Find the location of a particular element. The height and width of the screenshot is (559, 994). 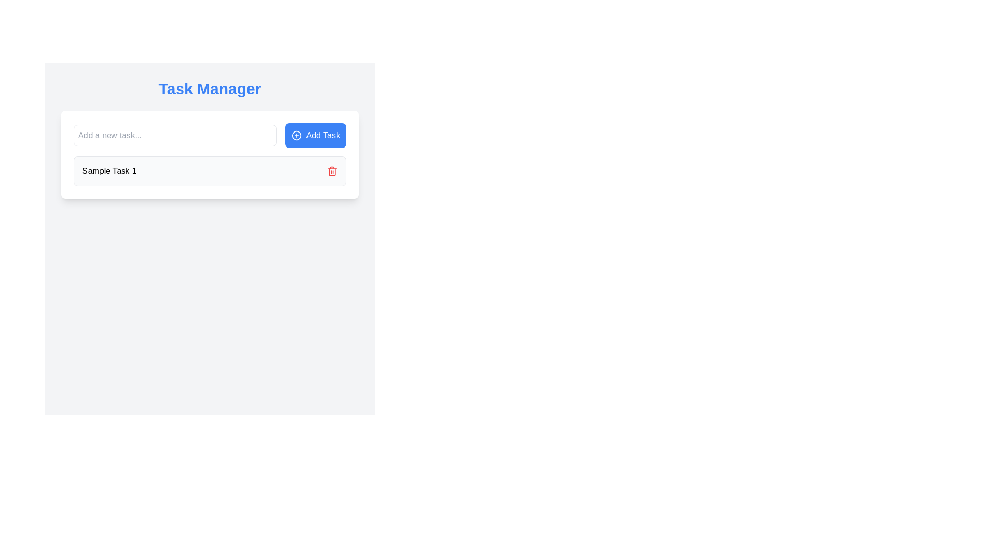

the text label within the 'Add Task' button, which clarifies its purpose to the user and is positioned to the right of the task input field is located at coordinates (323, 135).